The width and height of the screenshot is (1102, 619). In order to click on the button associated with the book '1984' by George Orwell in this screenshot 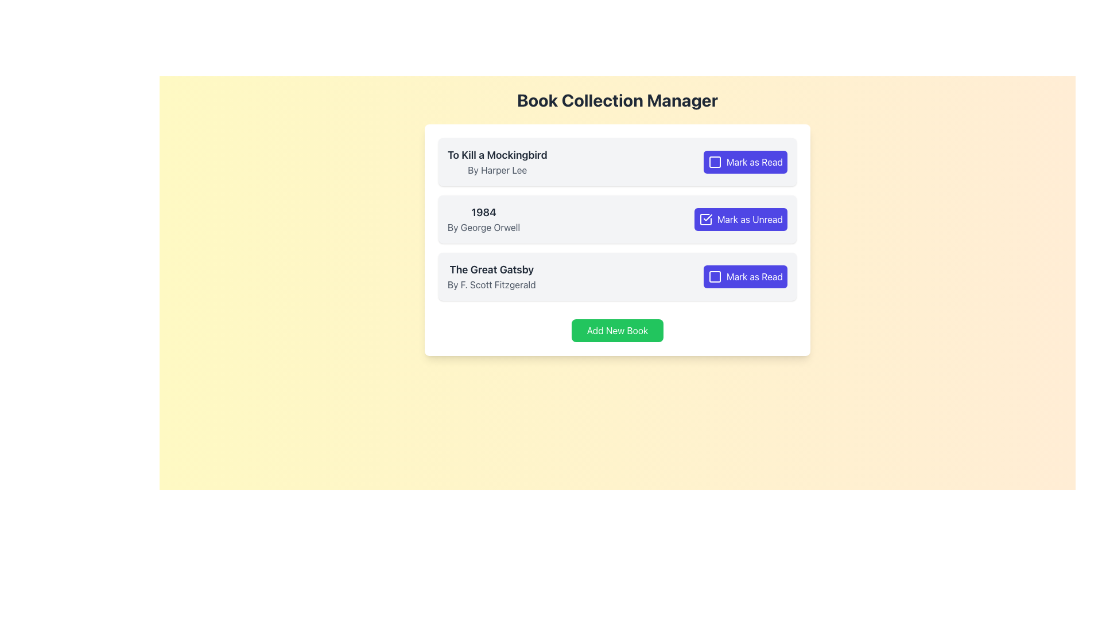, I will do `click(740, 219)`.